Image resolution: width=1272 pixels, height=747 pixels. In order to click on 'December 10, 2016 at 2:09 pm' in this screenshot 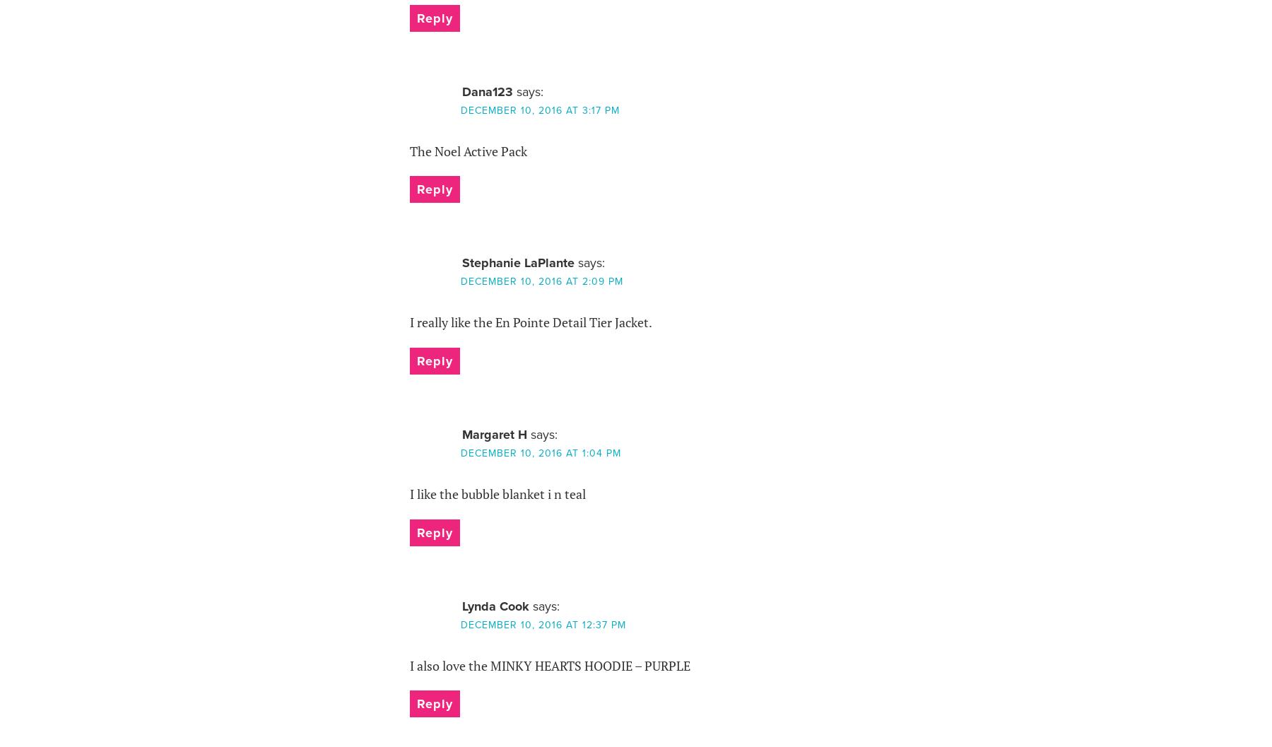, I will do `click(541, 281)`.